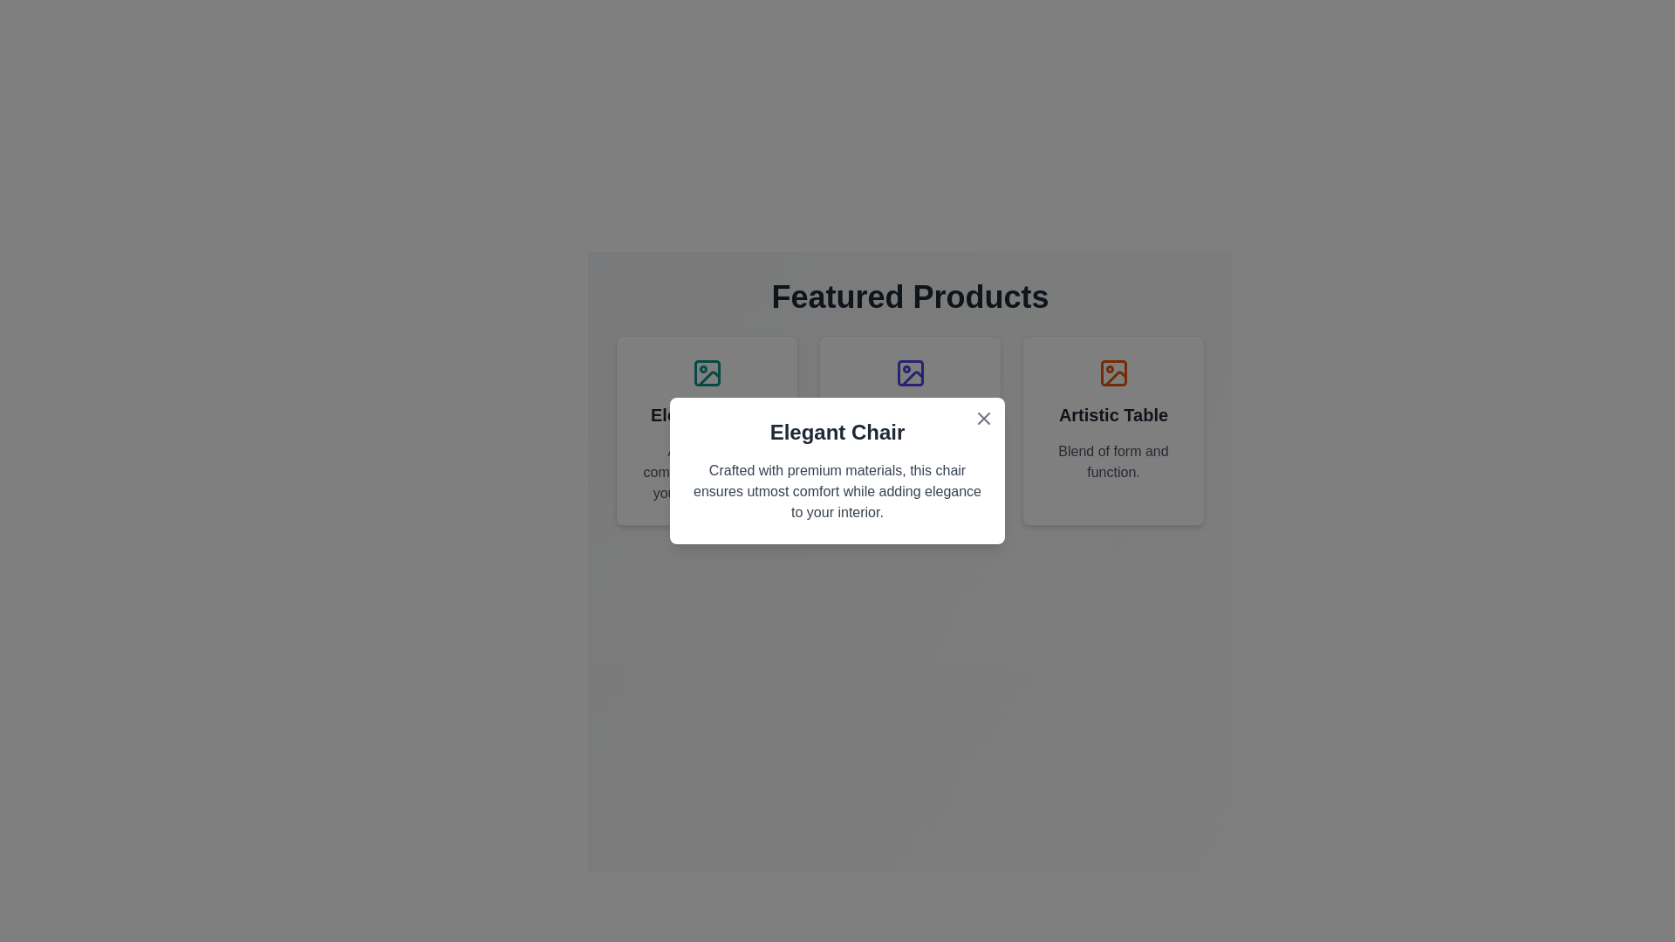  I want to click on the close button icon located at the top-right corner of the modal window adjacent to the title 'Elegant Chair', so click(984, 418).